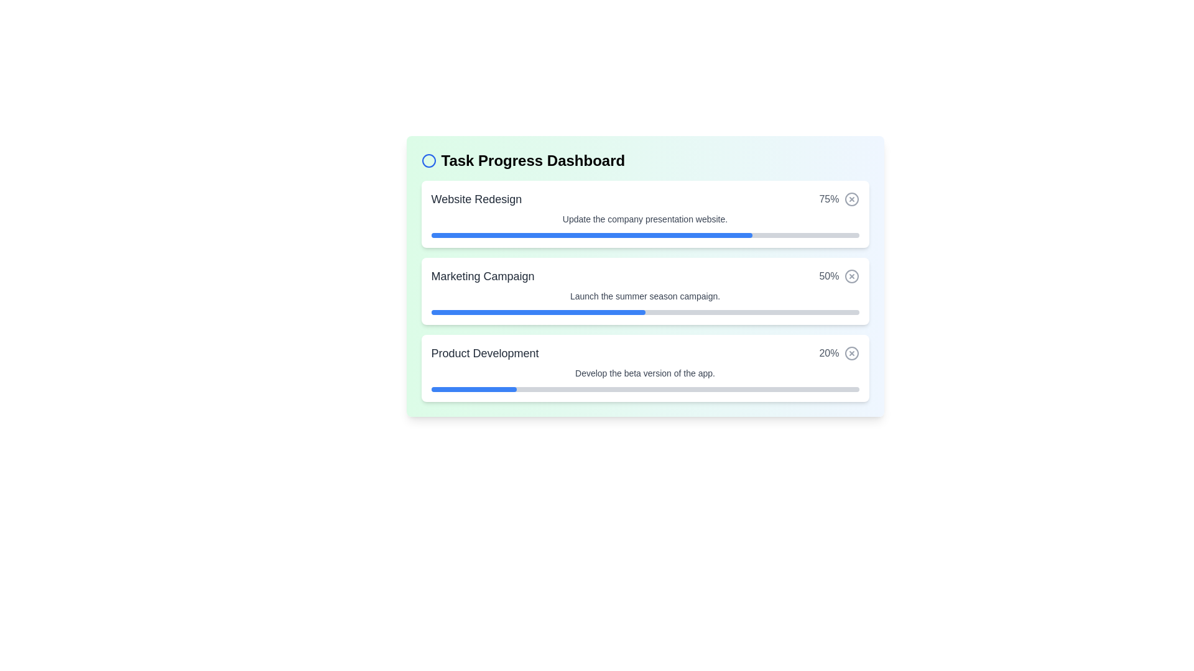 Image resolution: width=1194 pixels, height=671 pixels. Describe the element at coordinates (851, 198) in the screenshot. I see `the SVG circle located on the far right of the first task card in the progress dashboard, which is part of a graphic design element` at that location.